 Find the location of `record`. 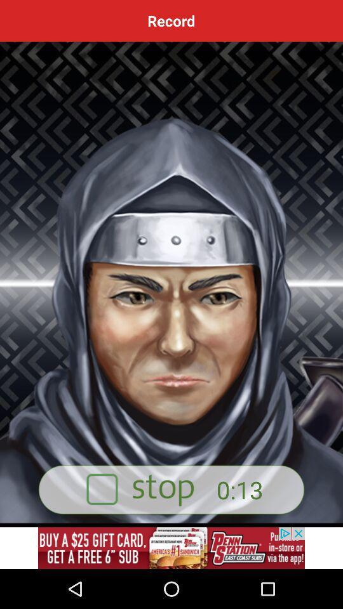

record is located at coordinates (171, 547).